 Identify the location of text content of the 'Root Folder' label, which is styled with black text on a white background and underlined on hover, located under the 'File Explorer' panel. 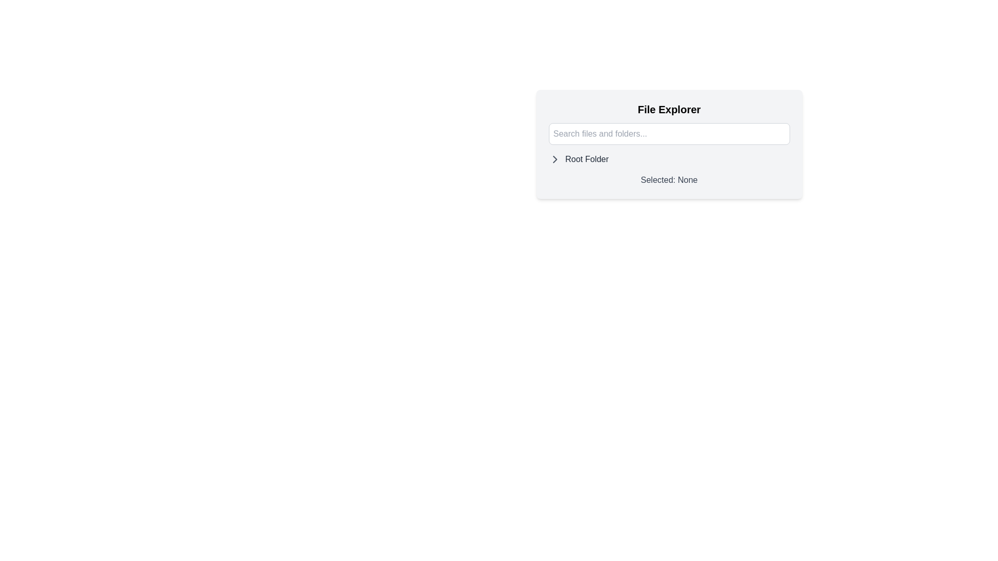
(587, 159).